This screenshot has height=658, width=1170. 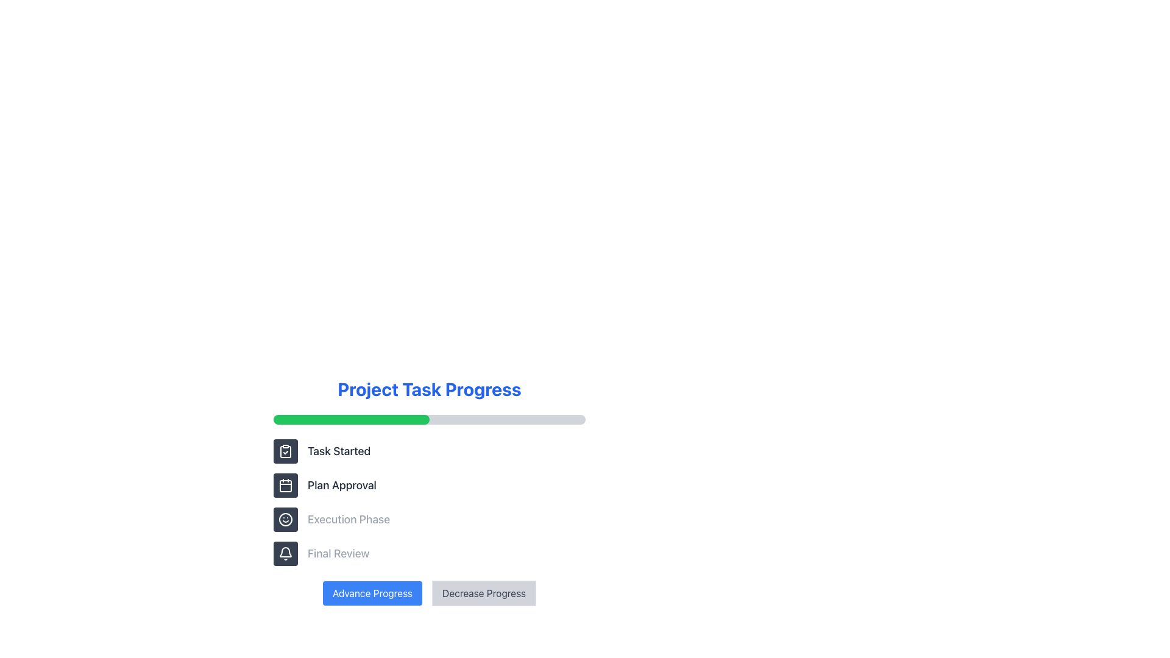 What do you see at coordinates (285, 485) in the screenshot?
I see `the square icon with rounded corners featuring a white calendar icon, located to the left of the text 'Plan Approval' within the task stages list` at bounding box center [285, 485].